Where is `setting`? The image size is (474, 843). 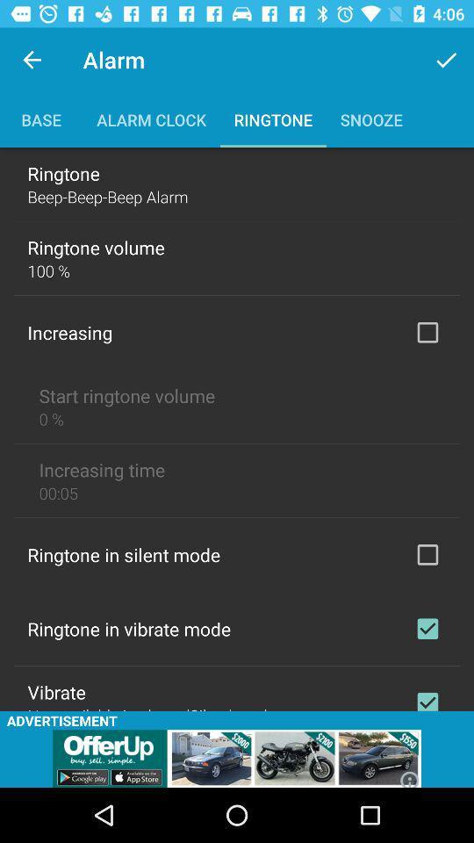 setting is located at coordinates (427, 629).